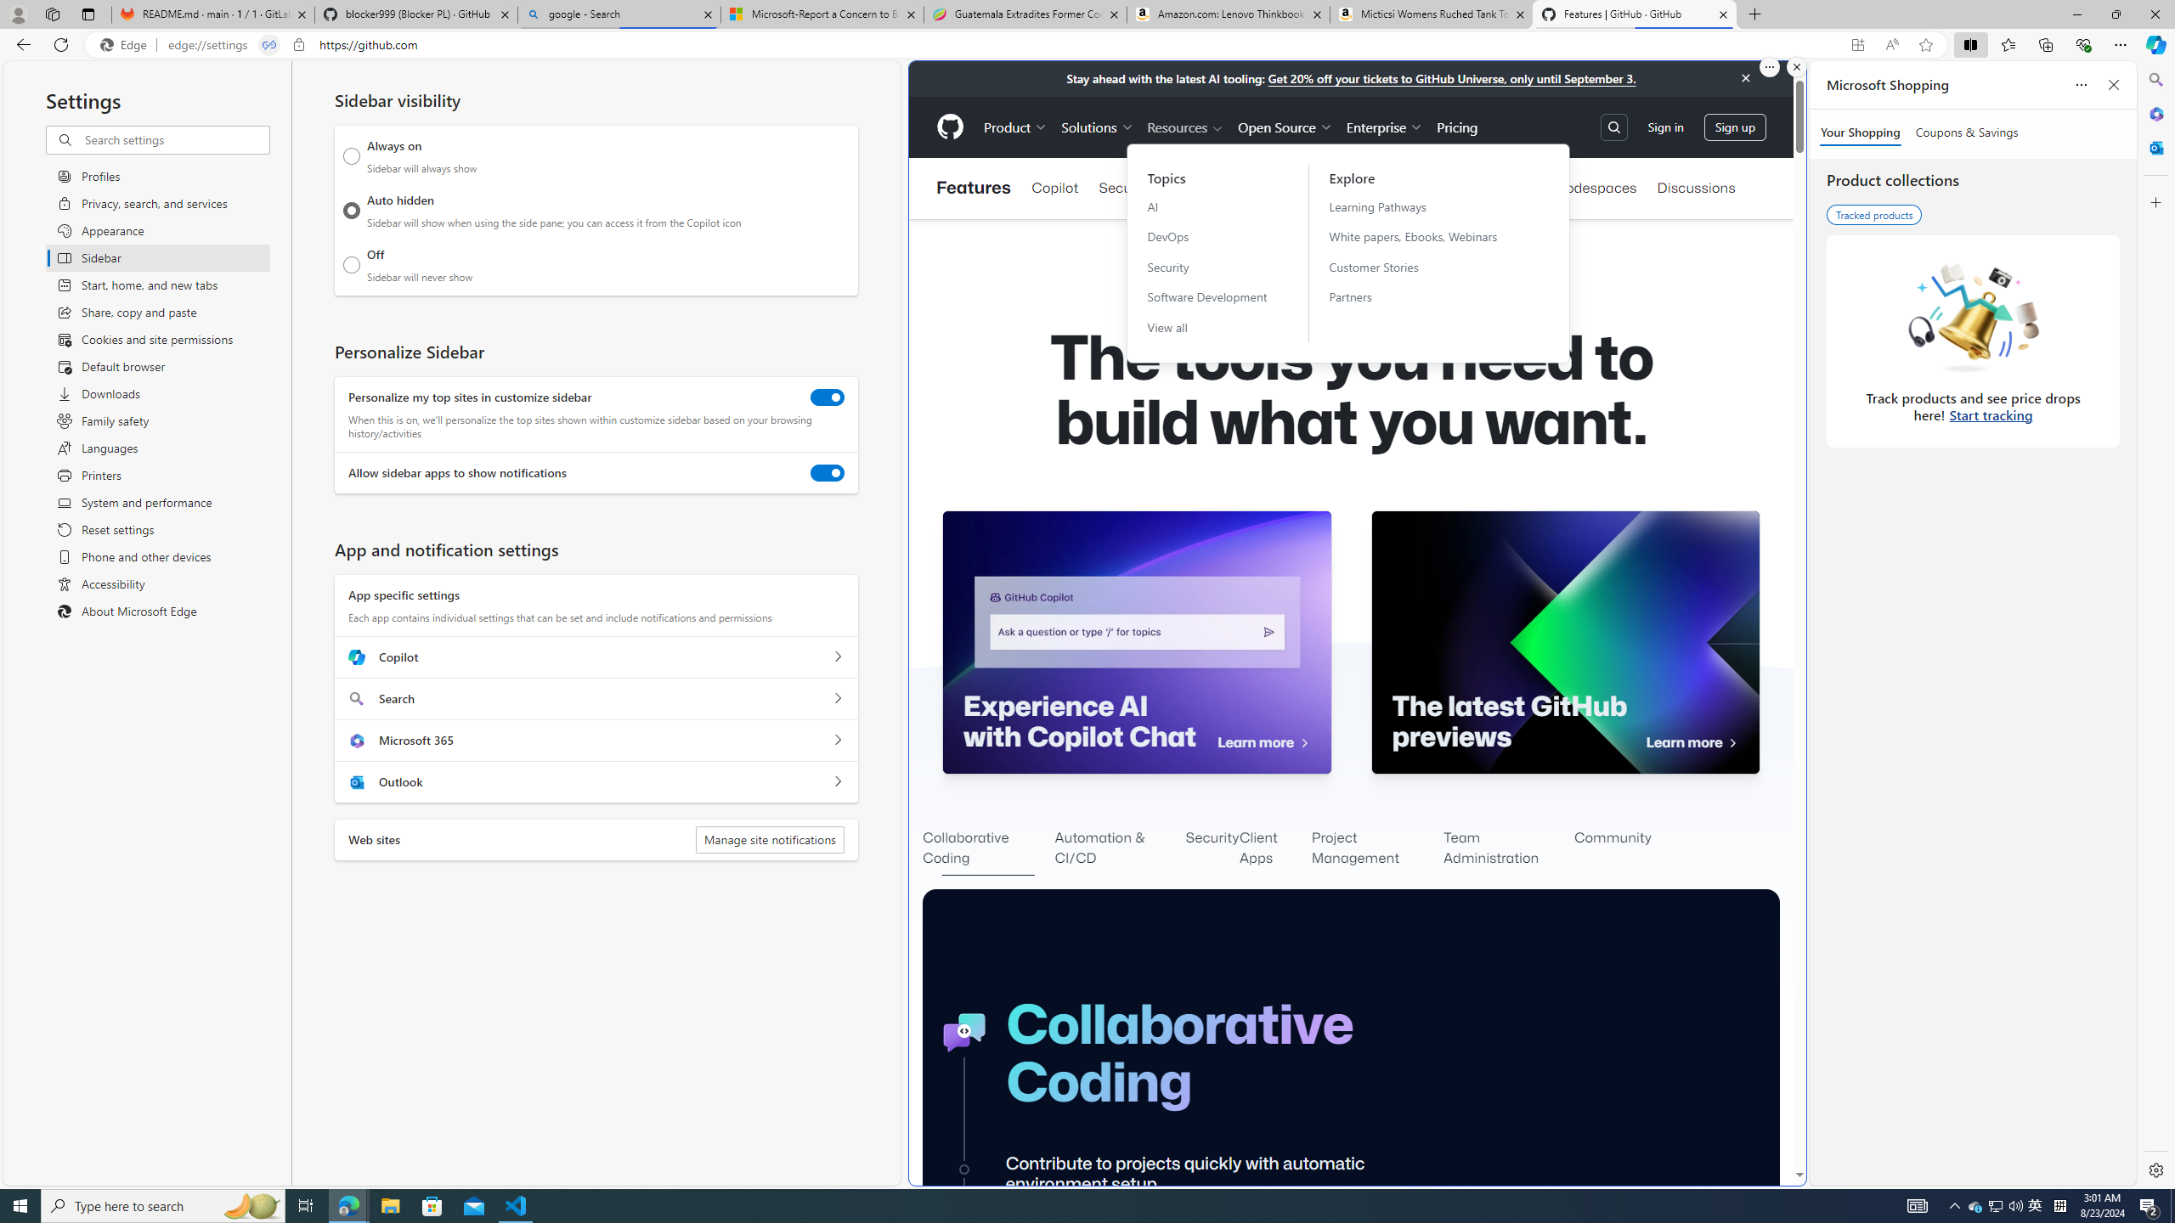 This screenshot has height=1223, width=2175. Describe the element at coordinates (1423, 235) in the screenshot. I see `'White papers, Ebooks, Webinars'` at that location.